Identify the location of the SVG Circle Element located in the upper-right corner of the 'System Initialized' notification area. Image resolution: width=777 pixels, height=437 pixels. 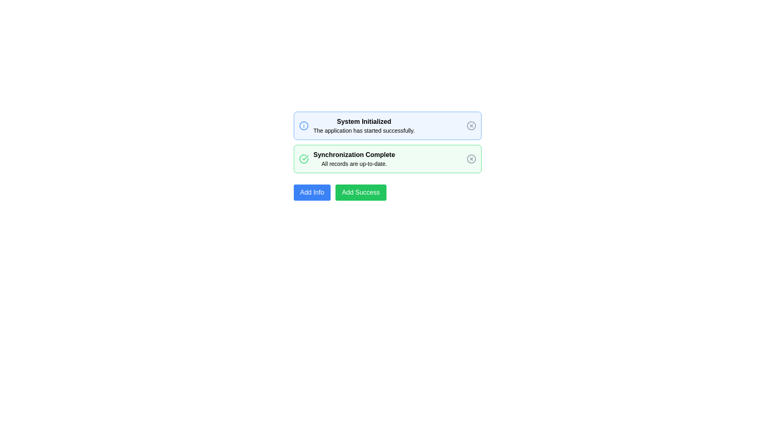
(471, 126).